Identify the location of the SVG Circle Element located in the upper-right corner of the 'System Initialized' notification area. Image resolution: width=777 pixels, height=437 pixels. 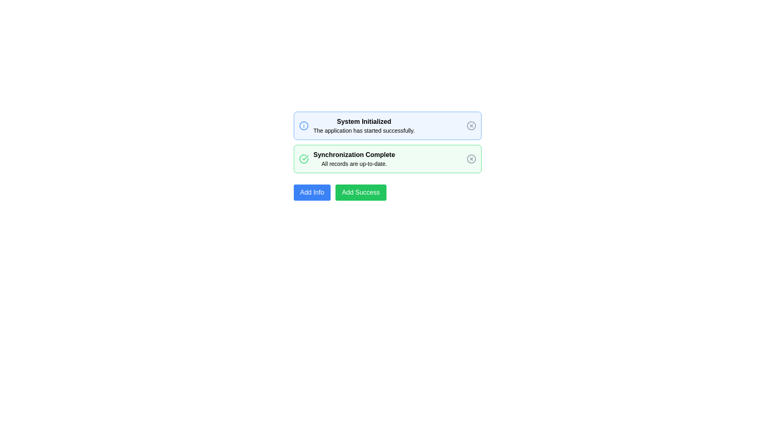
(471, 126).